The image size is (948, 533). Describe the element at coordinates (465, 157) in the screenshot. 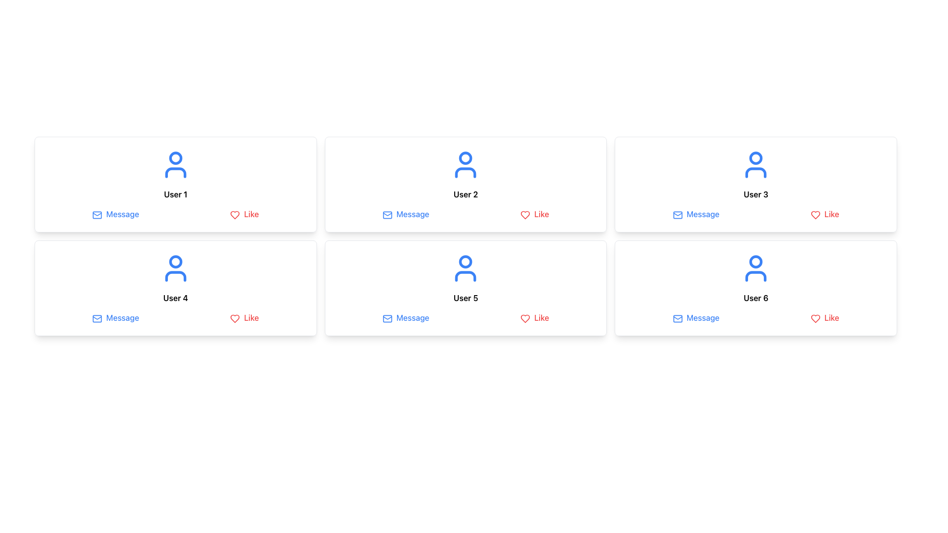

I see `the blue outlined circle located at the center of the head icon in the second user profile card ('User 2') in the top row of the layout` at that location.